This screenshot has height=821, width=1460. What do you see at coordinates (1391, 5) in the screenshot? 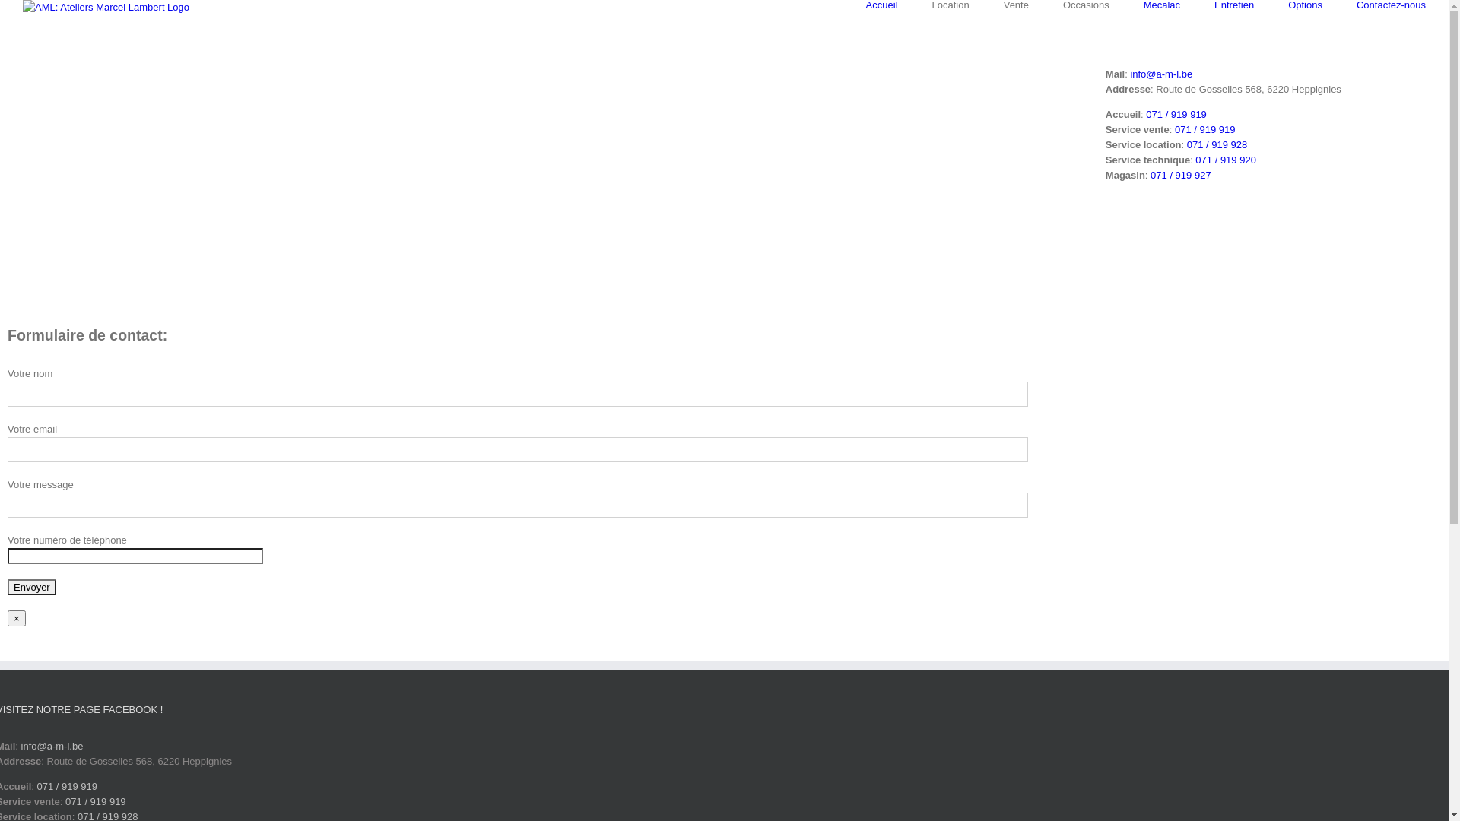
I see `'Contactez-nous'` at bounding box center [1391, 5].